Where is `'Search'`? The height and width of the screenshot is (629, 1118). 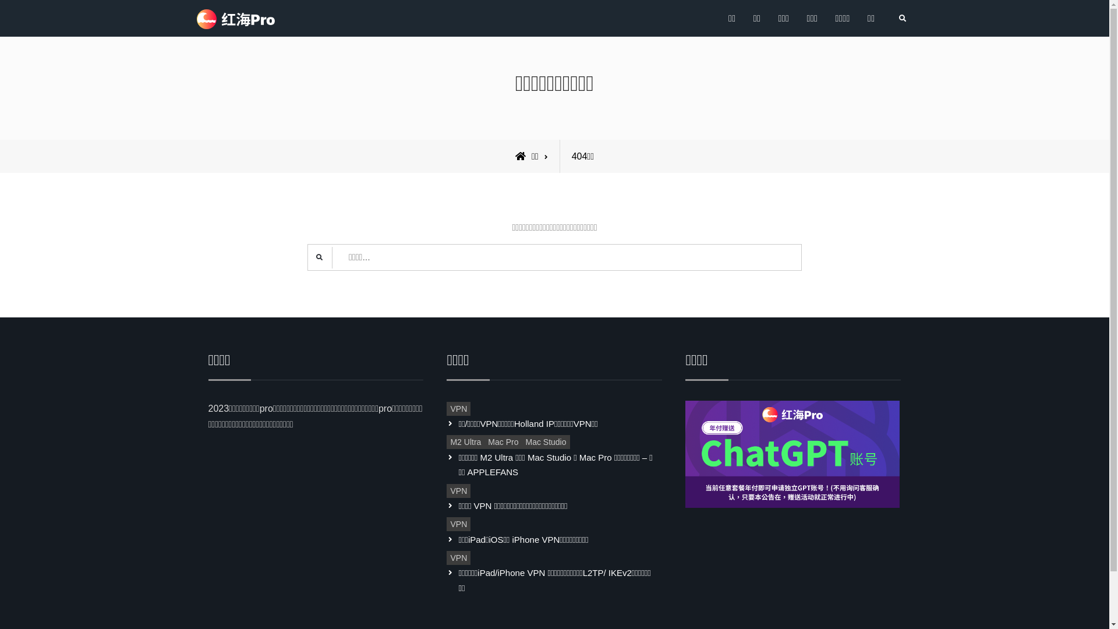 'Search' is located at coordinates (901, 18).